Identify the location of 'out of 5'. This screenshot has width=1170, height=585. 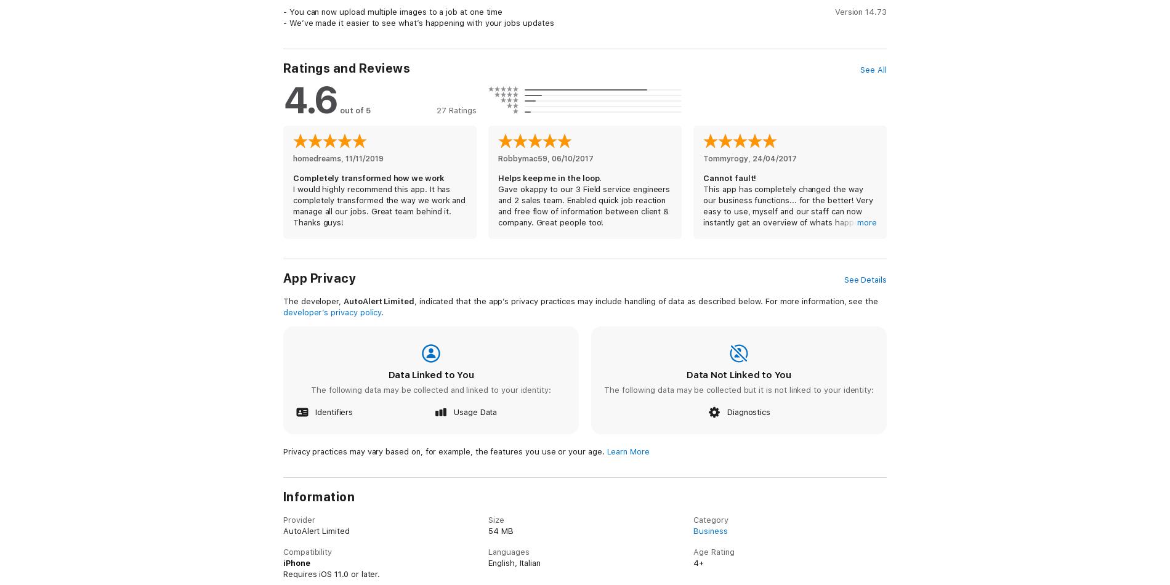
(353, 110).